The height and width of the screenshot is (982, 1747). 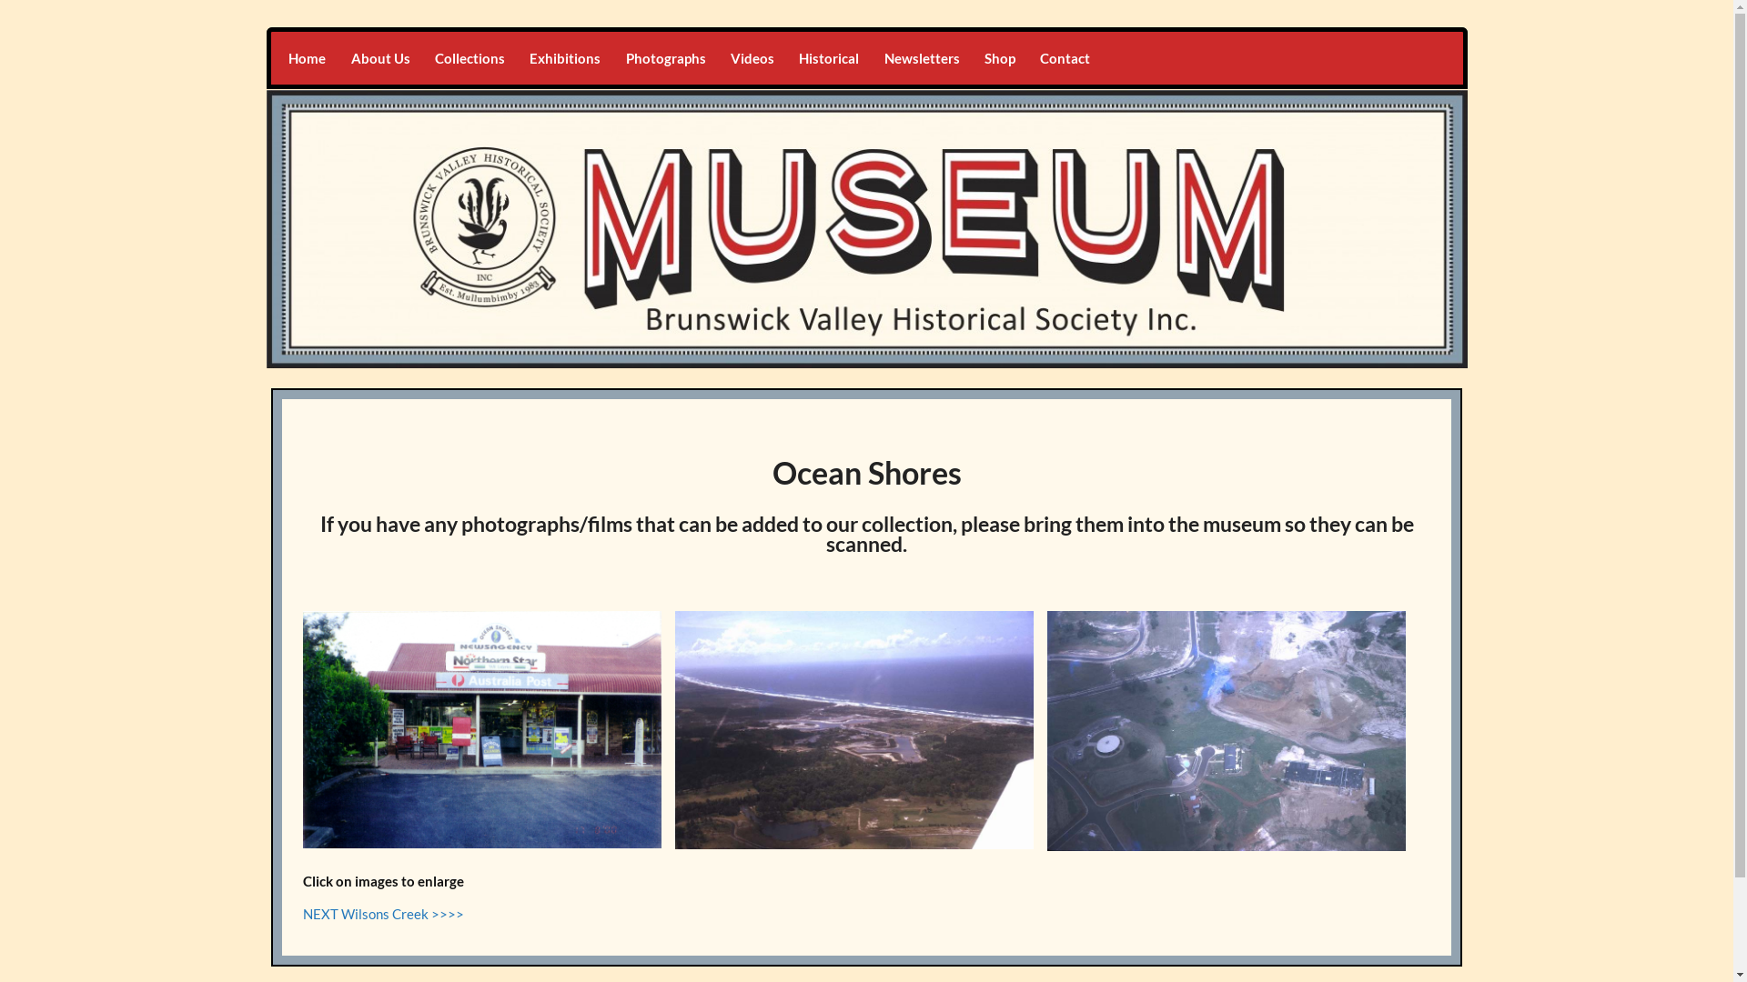 I want to click on 'Historical', so click(x=828, y=57).